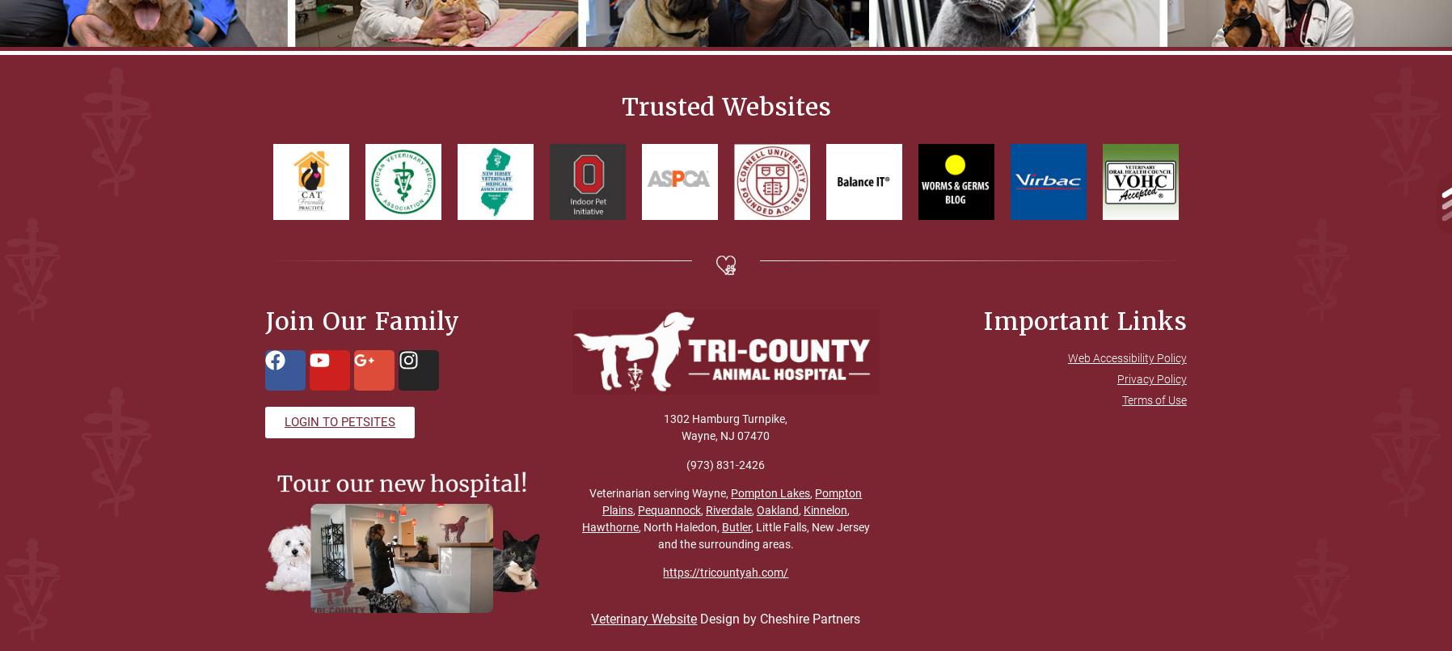 The height and width of the screenshot is (651, 1452). I want to click on 'Terms of Use', so click(1152, 399).